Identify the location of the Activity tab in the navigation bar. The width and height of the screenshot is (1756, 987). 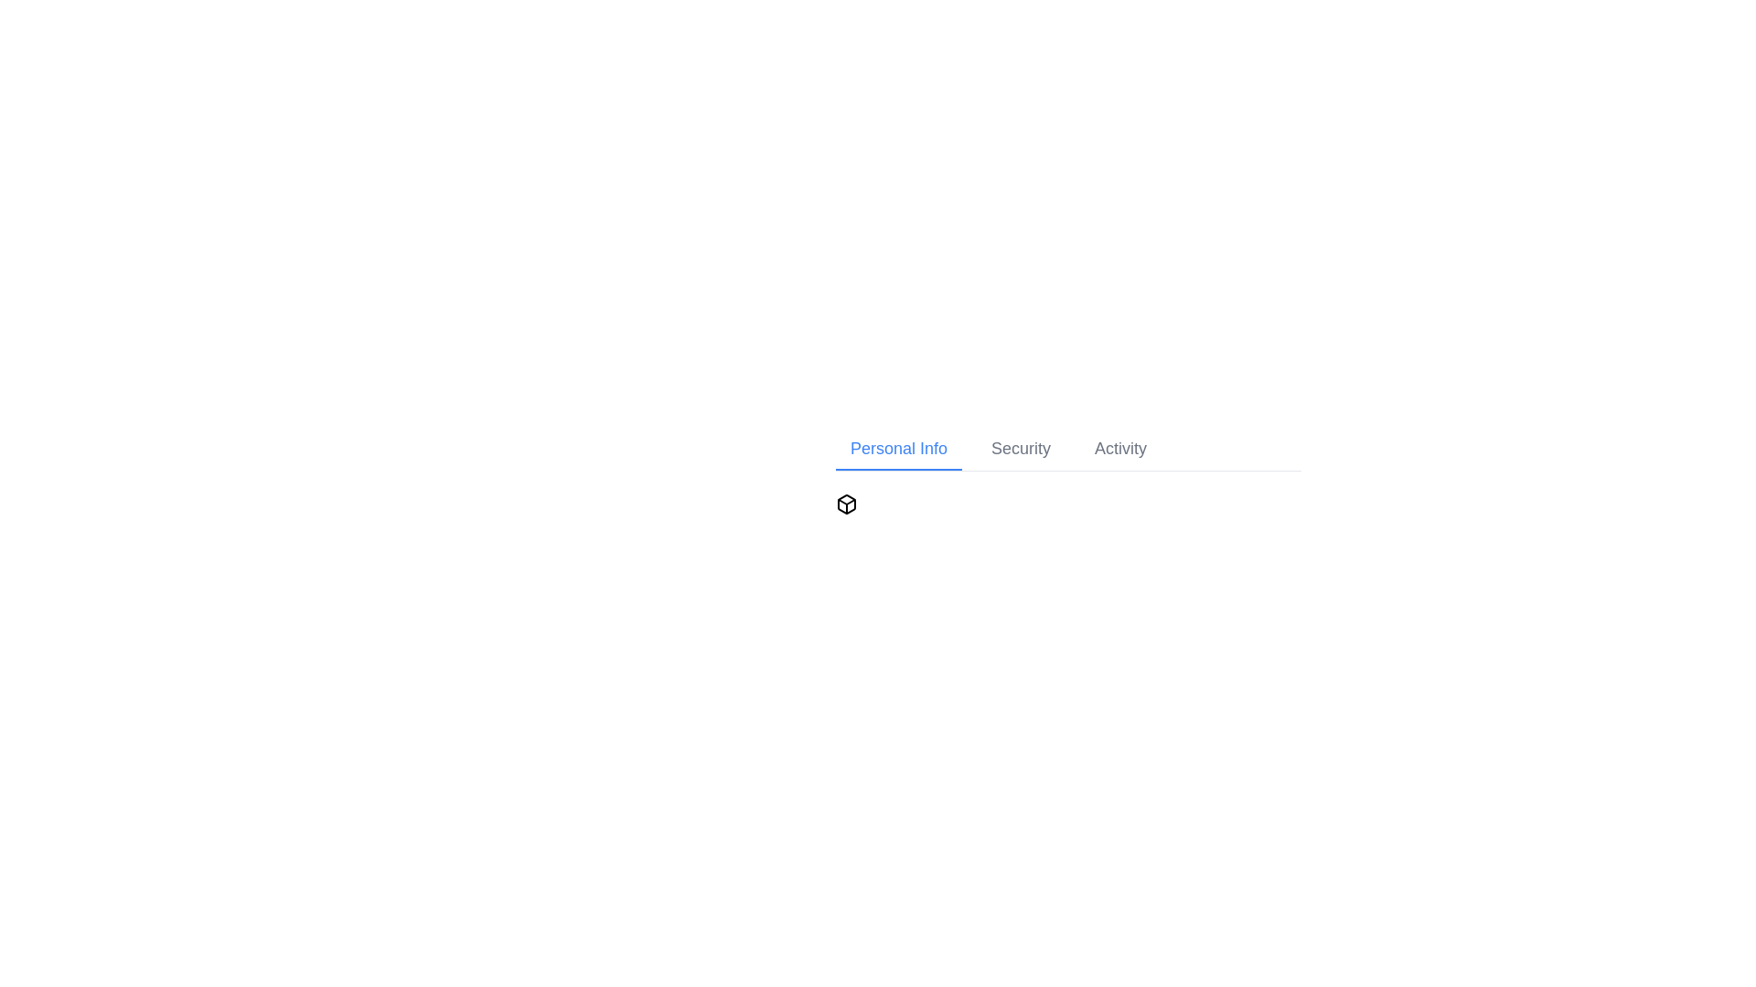
(1119, 450).